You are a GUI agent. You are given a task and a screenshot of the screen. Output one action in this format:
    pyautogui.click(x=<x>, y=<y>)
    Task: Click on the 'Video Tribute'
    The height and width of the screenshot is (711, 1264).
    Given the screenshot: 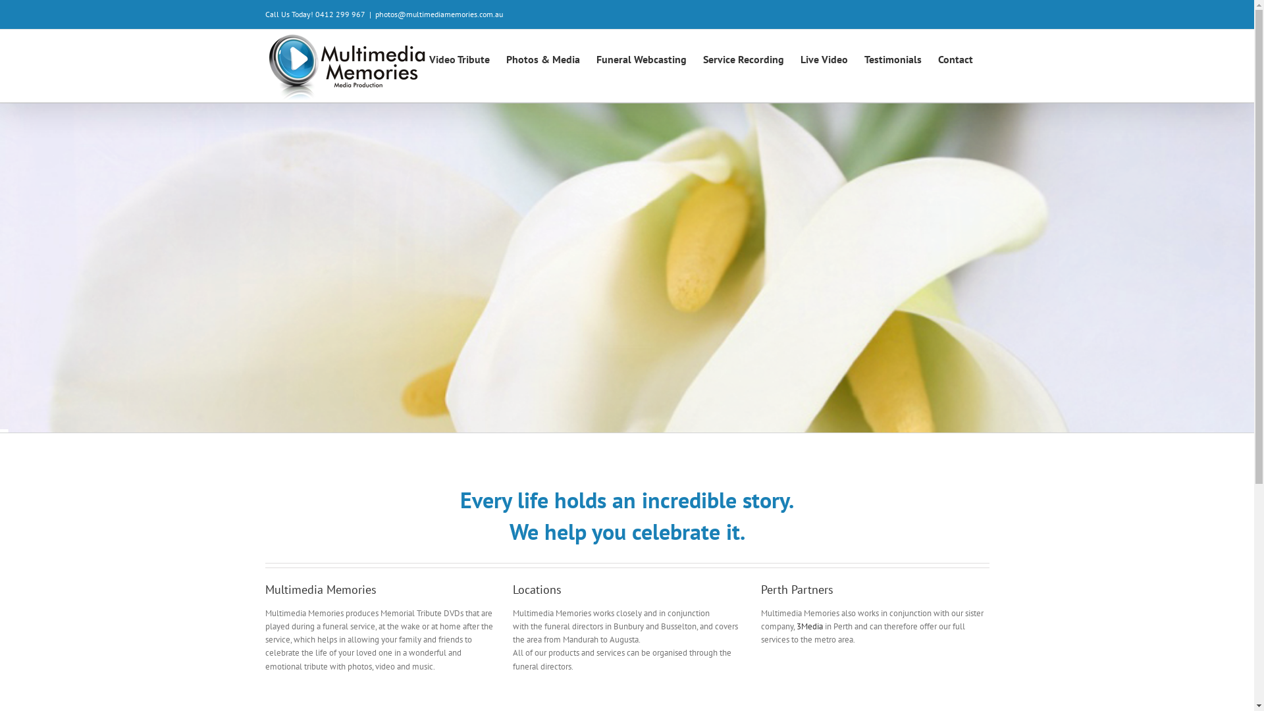 What is the action you would take?
    pyautogui.click(x=459, y=57)
    